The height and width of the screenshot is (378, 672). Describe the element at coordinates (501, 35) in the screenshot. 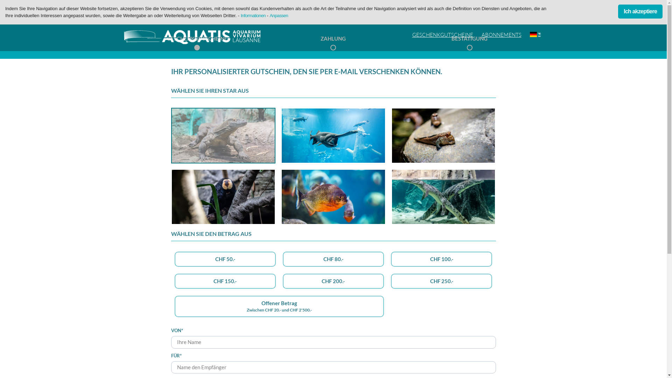

I see `'ABONNEMENTS'` at that location.